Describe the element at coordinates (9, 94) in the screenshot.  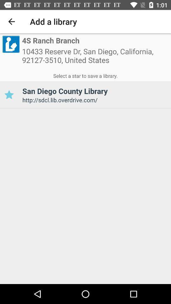
I see `san diego county library` at that location.